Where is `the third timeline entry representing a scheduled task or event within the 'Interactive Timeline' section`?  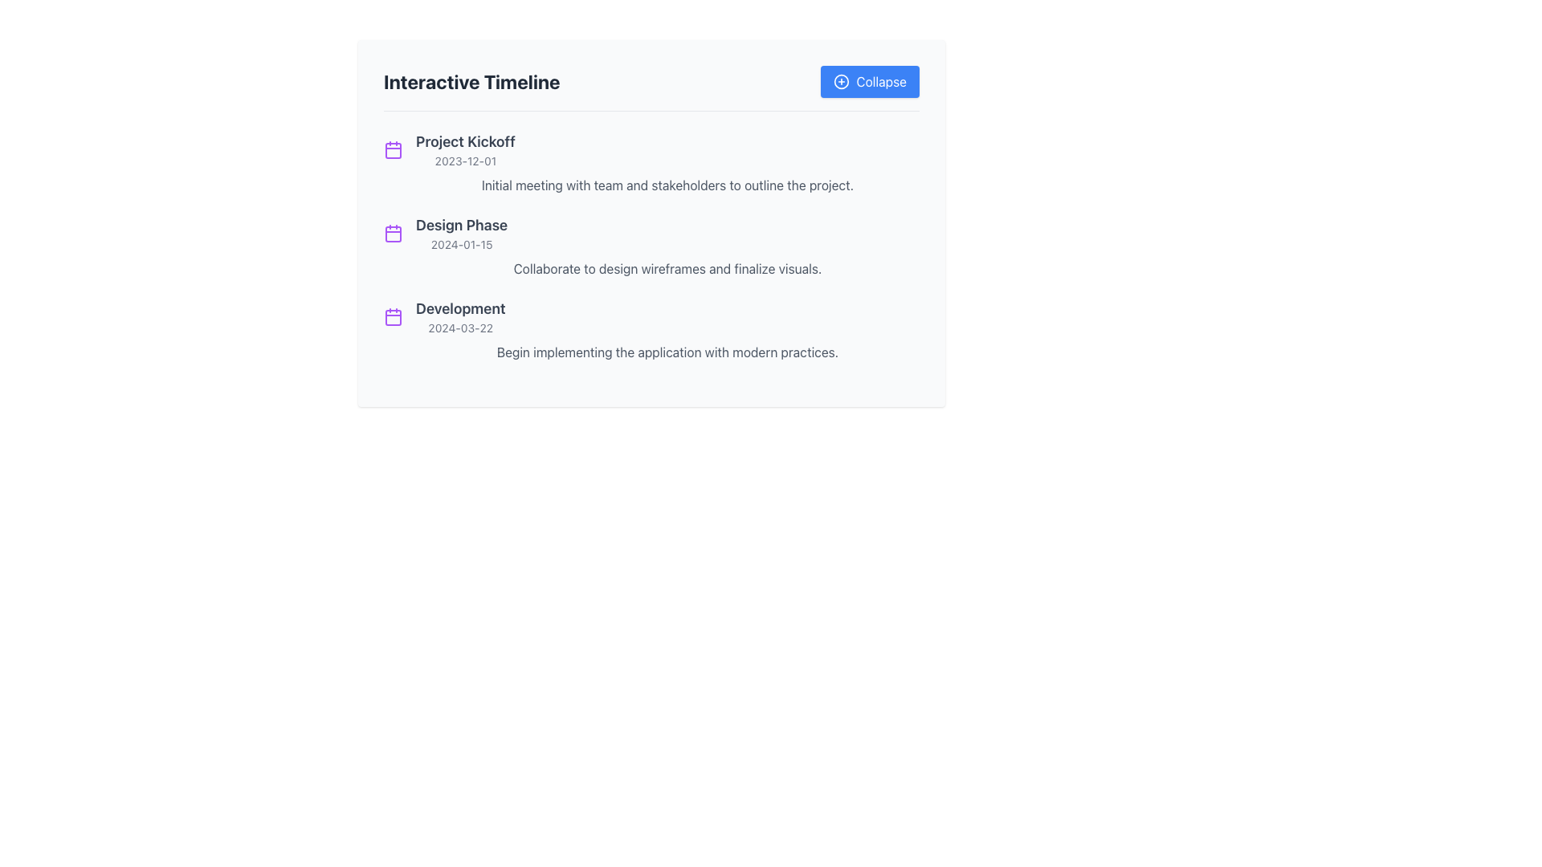
the third timeline entry representing a scheduled task or event within the 'Interactive Timeline' section is located at coordinates (651, 329).